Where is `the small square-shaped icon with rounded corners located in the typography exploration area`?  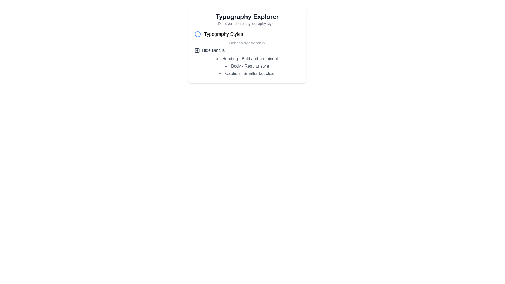
the small square-shaped icon with rounded corners located in the typography exploration area is located at coordinates (197, 50).